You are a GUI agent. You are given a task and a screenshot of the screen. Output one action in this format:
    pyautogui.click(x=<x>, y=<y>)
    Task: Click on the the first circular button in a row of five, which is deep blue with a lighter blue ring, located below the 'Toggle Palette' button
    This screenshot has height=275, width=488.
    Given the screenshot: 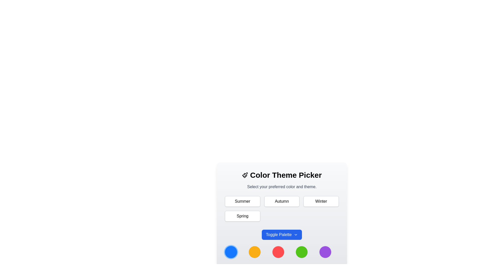 What is the action you would take?
    pyautogui.click(x=231, y=252)
    